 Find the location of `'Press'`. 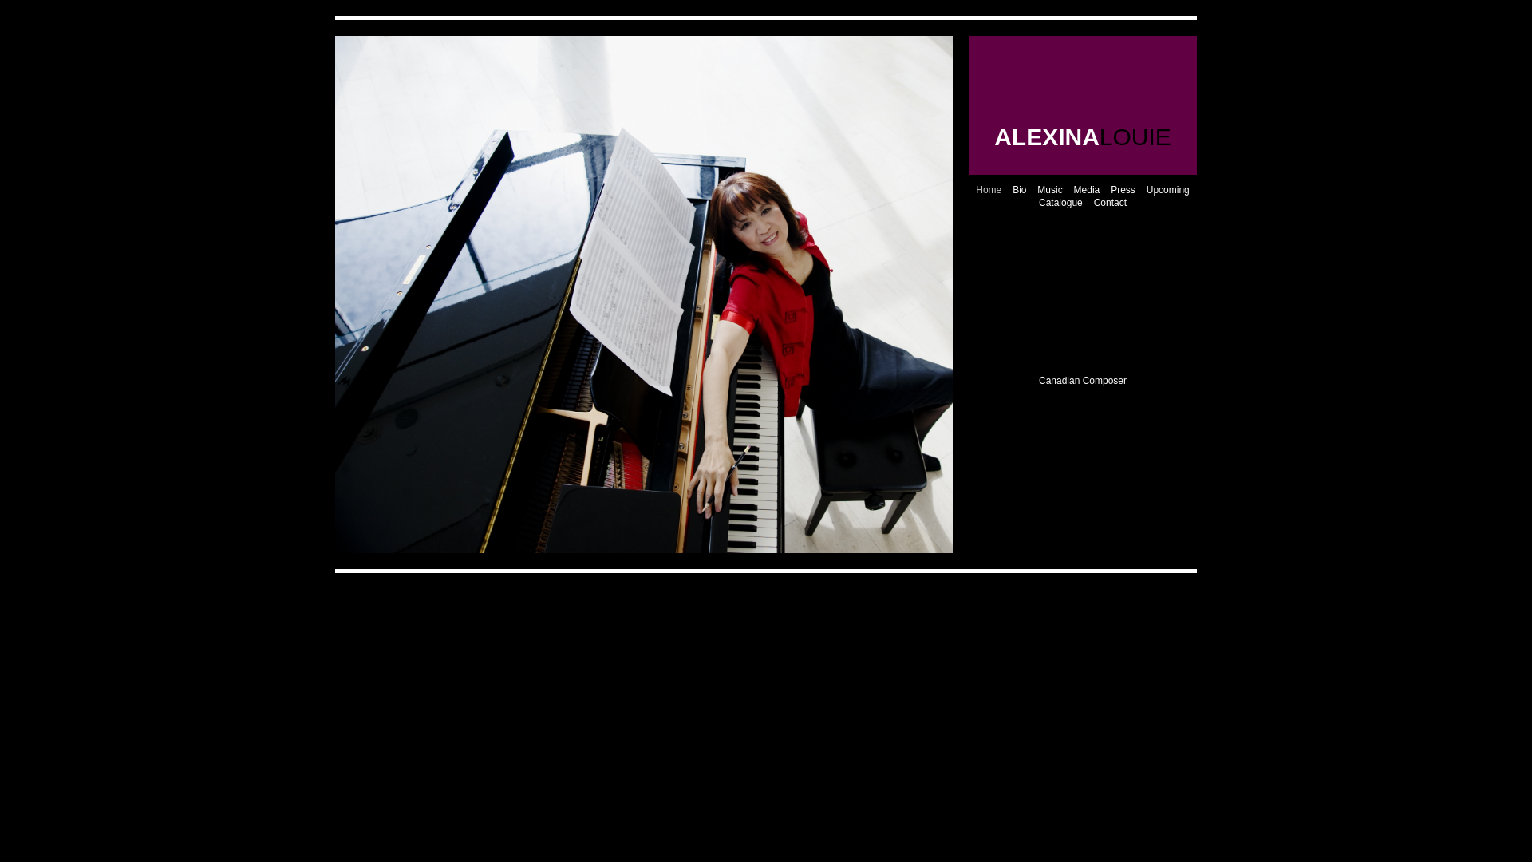

'Press' is located at coordinates (1122, 189).